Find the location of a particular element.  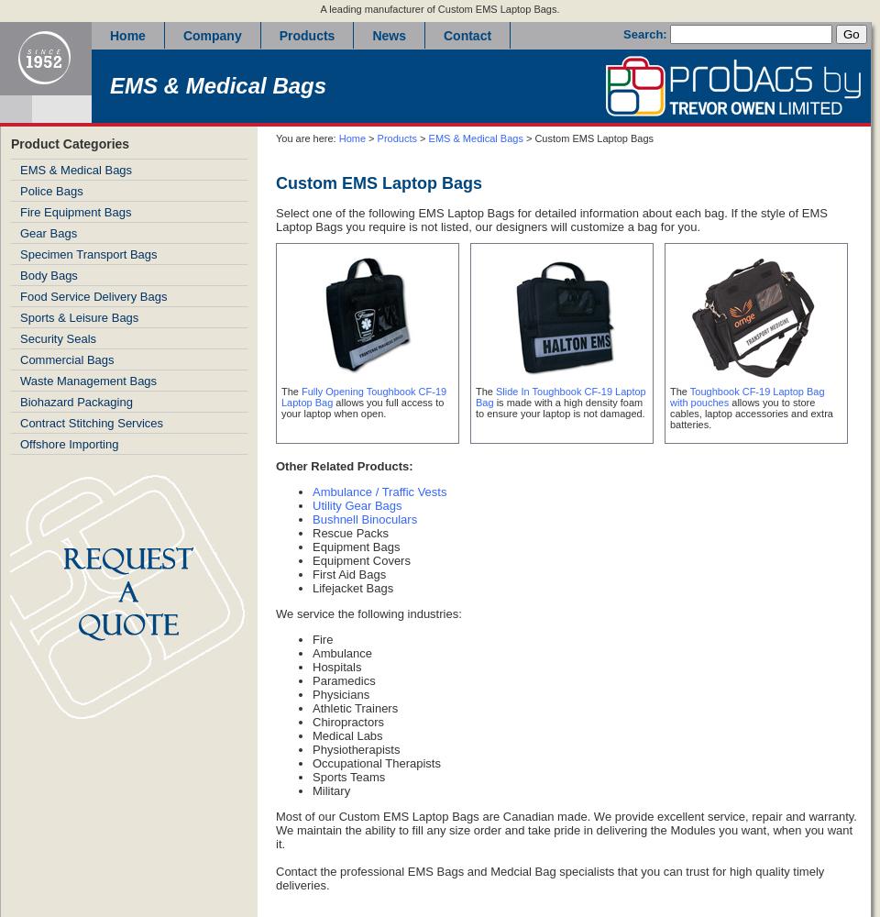

'We service the following industries:' is located at coordinates (367, 613).